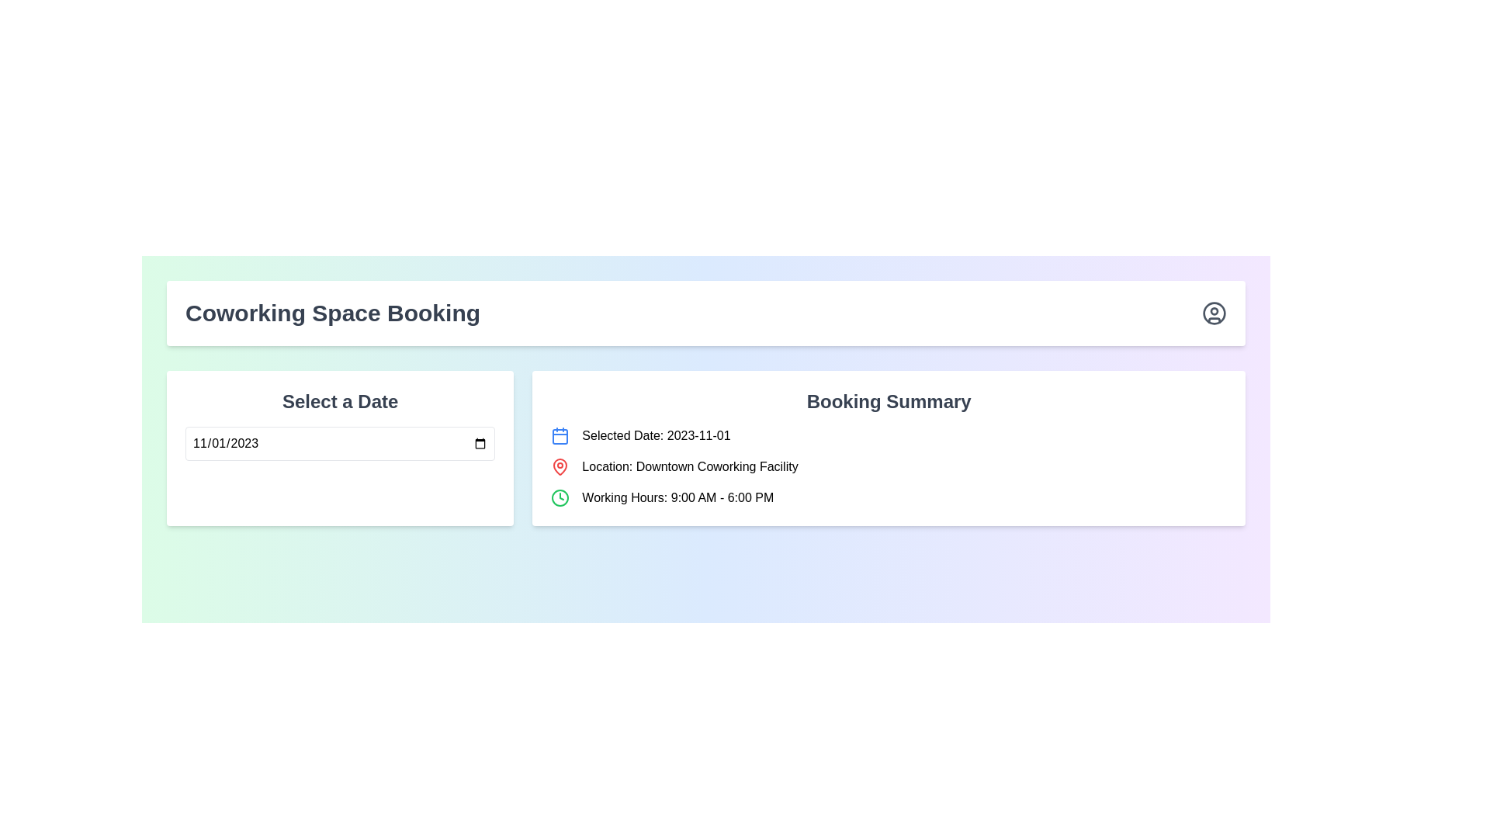 This screenshot has width=1490, height=838. Describe the element at coordinates (889, 400) in the screenshot. I see `the Text-based header located at the top of the white card section on the right side of the interface, below the main title 'Coworking Space Booking'` at that location.